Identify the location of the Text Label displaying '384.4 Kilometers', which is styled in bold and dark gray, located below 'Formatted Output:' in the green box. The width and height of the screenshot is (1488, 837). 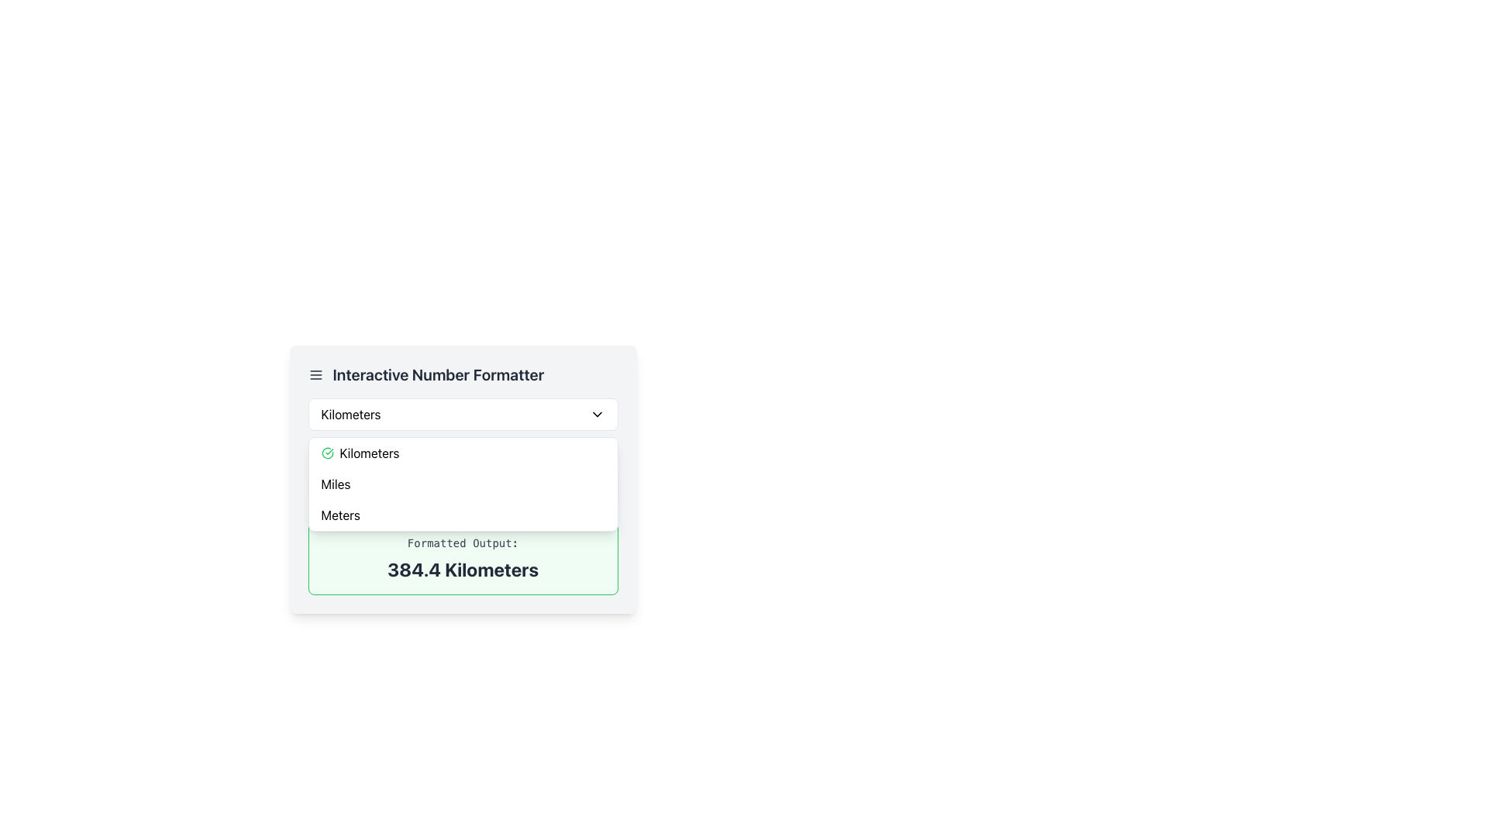
(462, 570).